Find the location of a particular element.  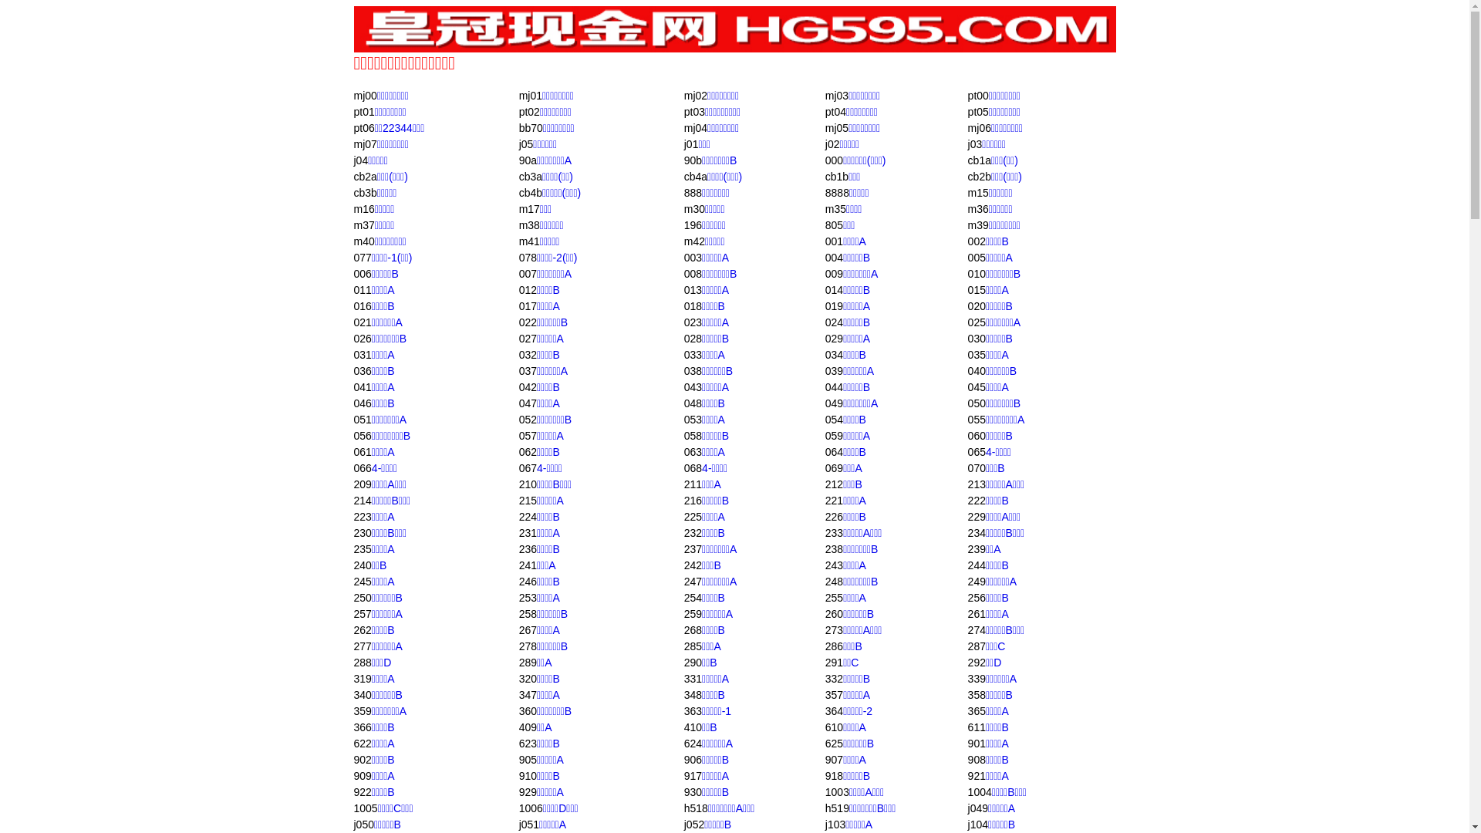

'017' is located at coordinates (528, 306).